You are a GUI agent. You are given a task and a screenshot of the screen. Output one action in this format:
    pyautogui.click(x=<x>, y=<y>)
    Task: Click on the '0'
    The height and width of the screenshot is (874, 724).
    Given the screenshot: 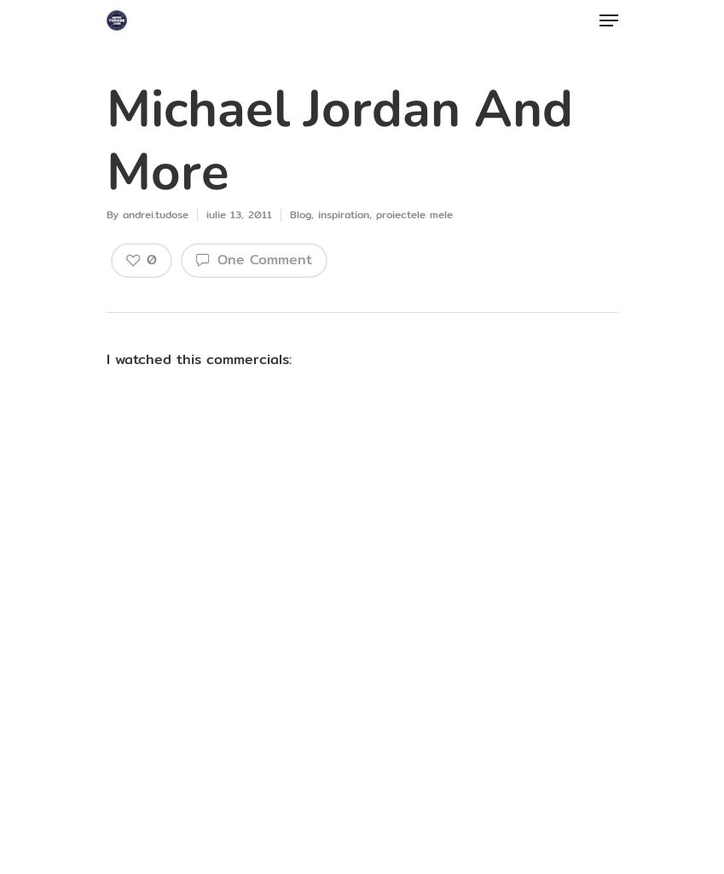 What is the action you would take?
    pyautogui.click(x=151, y=259)
    